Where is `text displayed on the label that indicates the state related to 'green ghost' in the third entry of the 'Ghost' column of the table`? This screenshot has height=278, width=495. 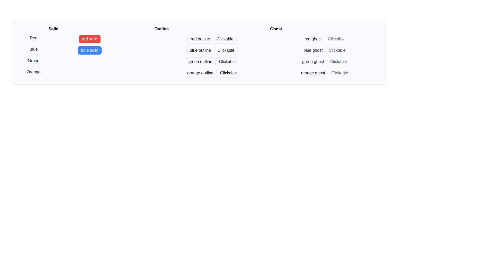
text displayed on the label that indicates the state related to 'green ghost' in the third entry of the 'Ghost' column of the table is located at coordinates (324, 60).